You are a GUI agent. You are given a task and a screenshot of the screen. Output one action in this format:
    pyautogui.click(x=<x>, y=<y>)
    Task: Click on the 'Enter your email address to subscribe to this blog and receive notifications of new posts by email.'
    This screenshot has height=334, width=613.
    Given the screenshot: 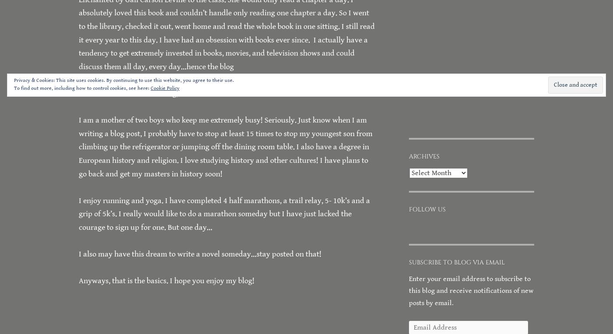 What is the action you would take?
    pyautogui.click(x=471, y=290)
    